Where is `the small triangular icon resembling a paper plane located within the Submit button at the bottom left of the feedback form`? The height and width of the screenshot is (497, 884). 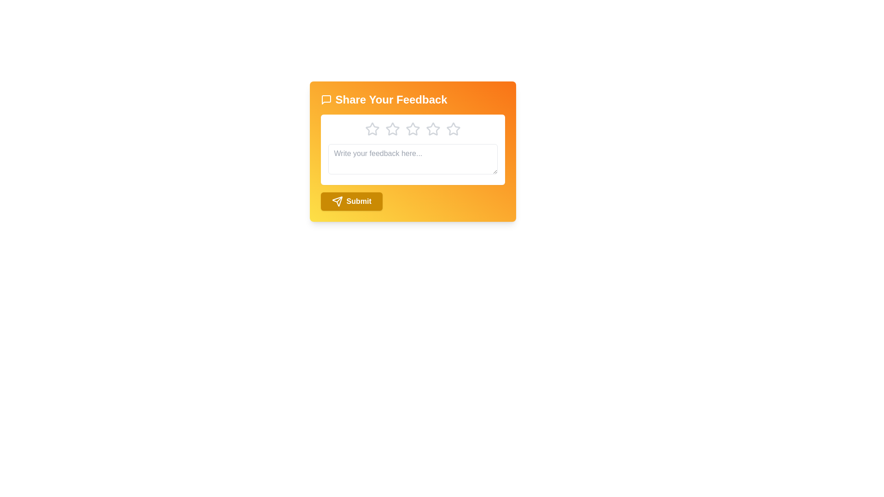
the small triangular icon resembling a paper plane located within the Submit button at the bottom left of the feedback form is located at coordinates (337, 201).